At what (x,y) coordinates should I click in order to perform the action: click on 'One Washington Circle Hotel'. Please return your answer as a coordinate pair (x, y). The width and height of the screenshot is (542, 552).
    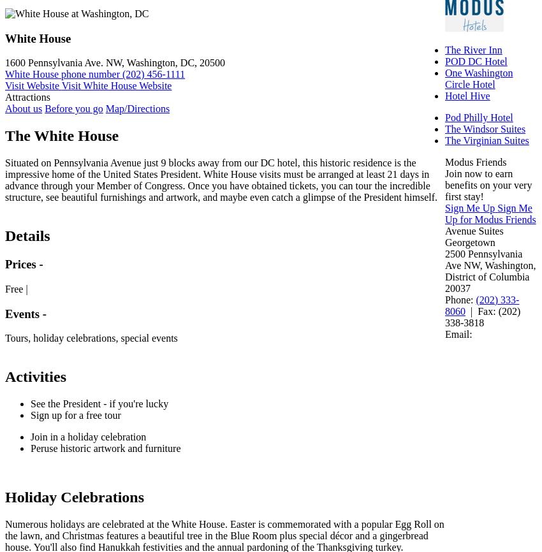
    Looking at the image, I should click on (478, 78).